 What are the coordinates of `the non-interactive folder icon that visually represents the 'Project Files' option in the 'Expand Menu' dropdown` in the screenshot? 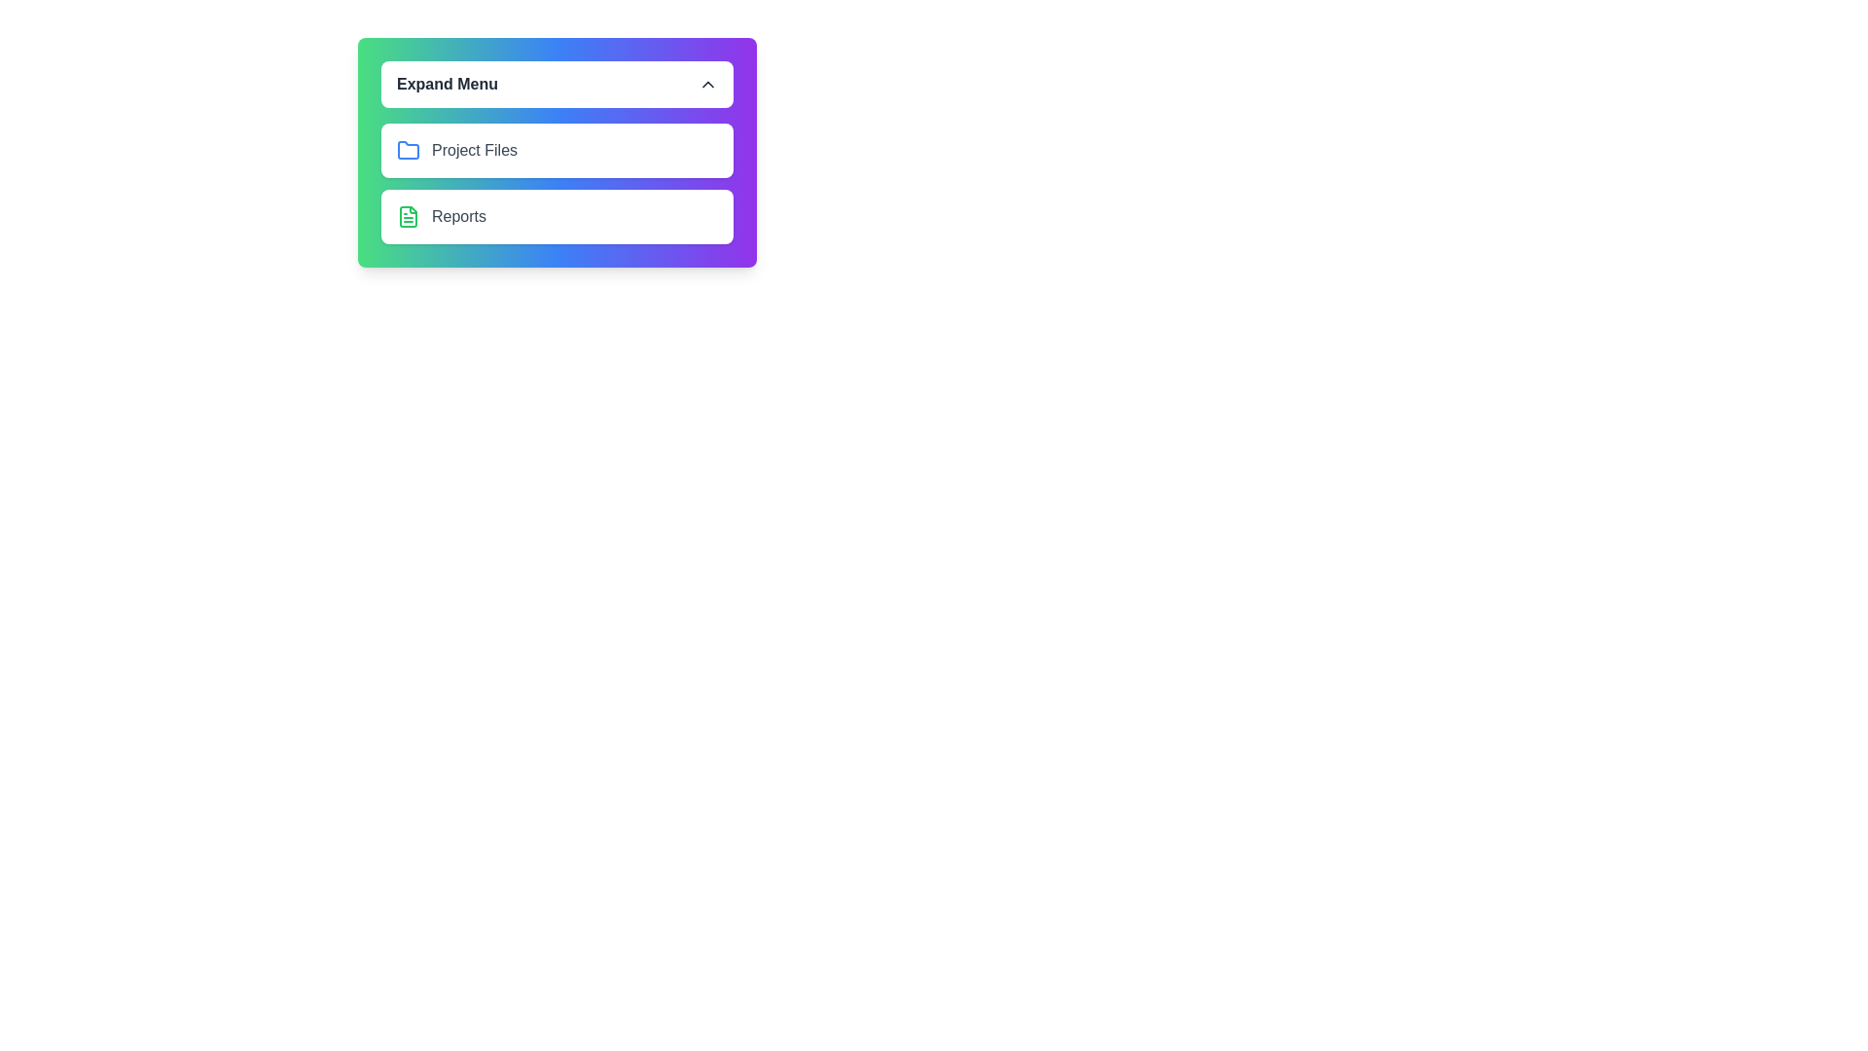 It's located at (408, 149).